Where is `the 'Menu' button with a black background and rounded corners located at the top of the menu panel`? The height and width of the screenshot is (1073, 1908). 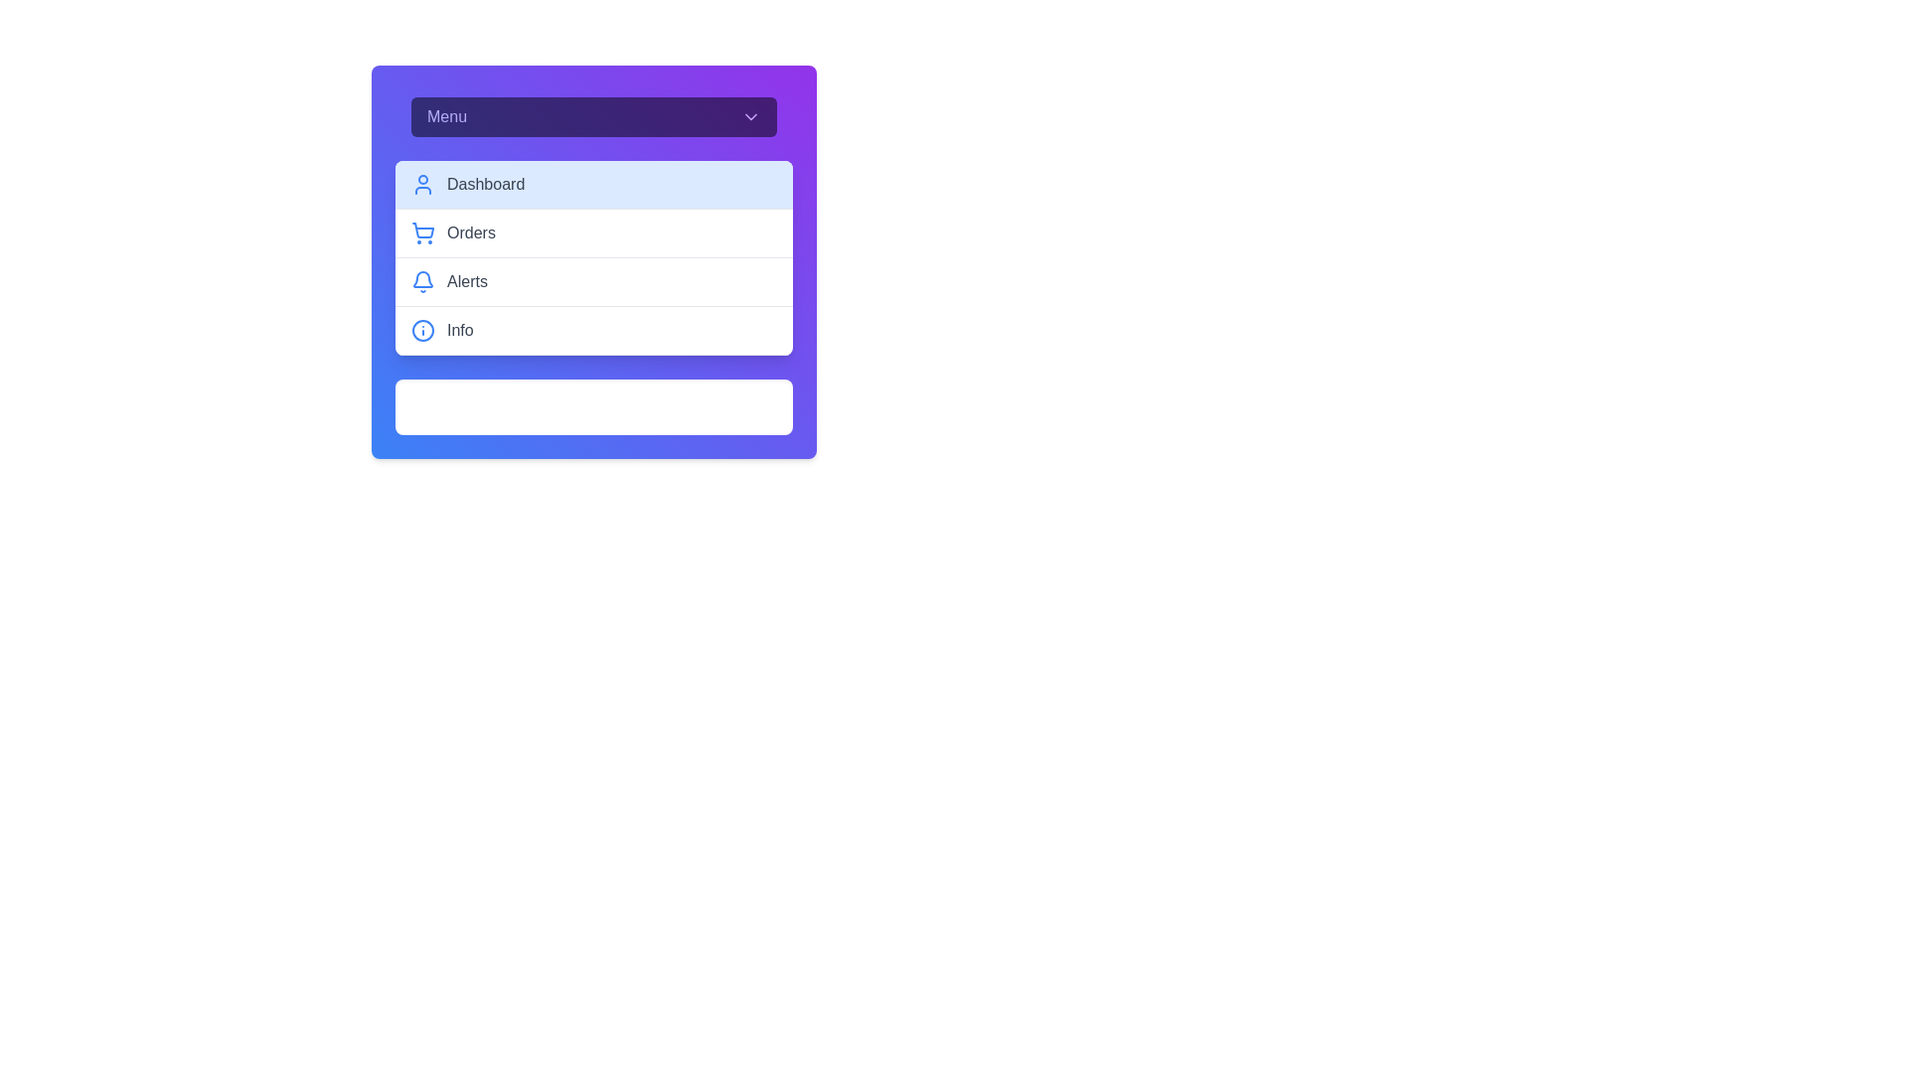
the 'Menu' button with a black background and rounded corners located at the top of the menu panel is located at coordinates (593, 117).